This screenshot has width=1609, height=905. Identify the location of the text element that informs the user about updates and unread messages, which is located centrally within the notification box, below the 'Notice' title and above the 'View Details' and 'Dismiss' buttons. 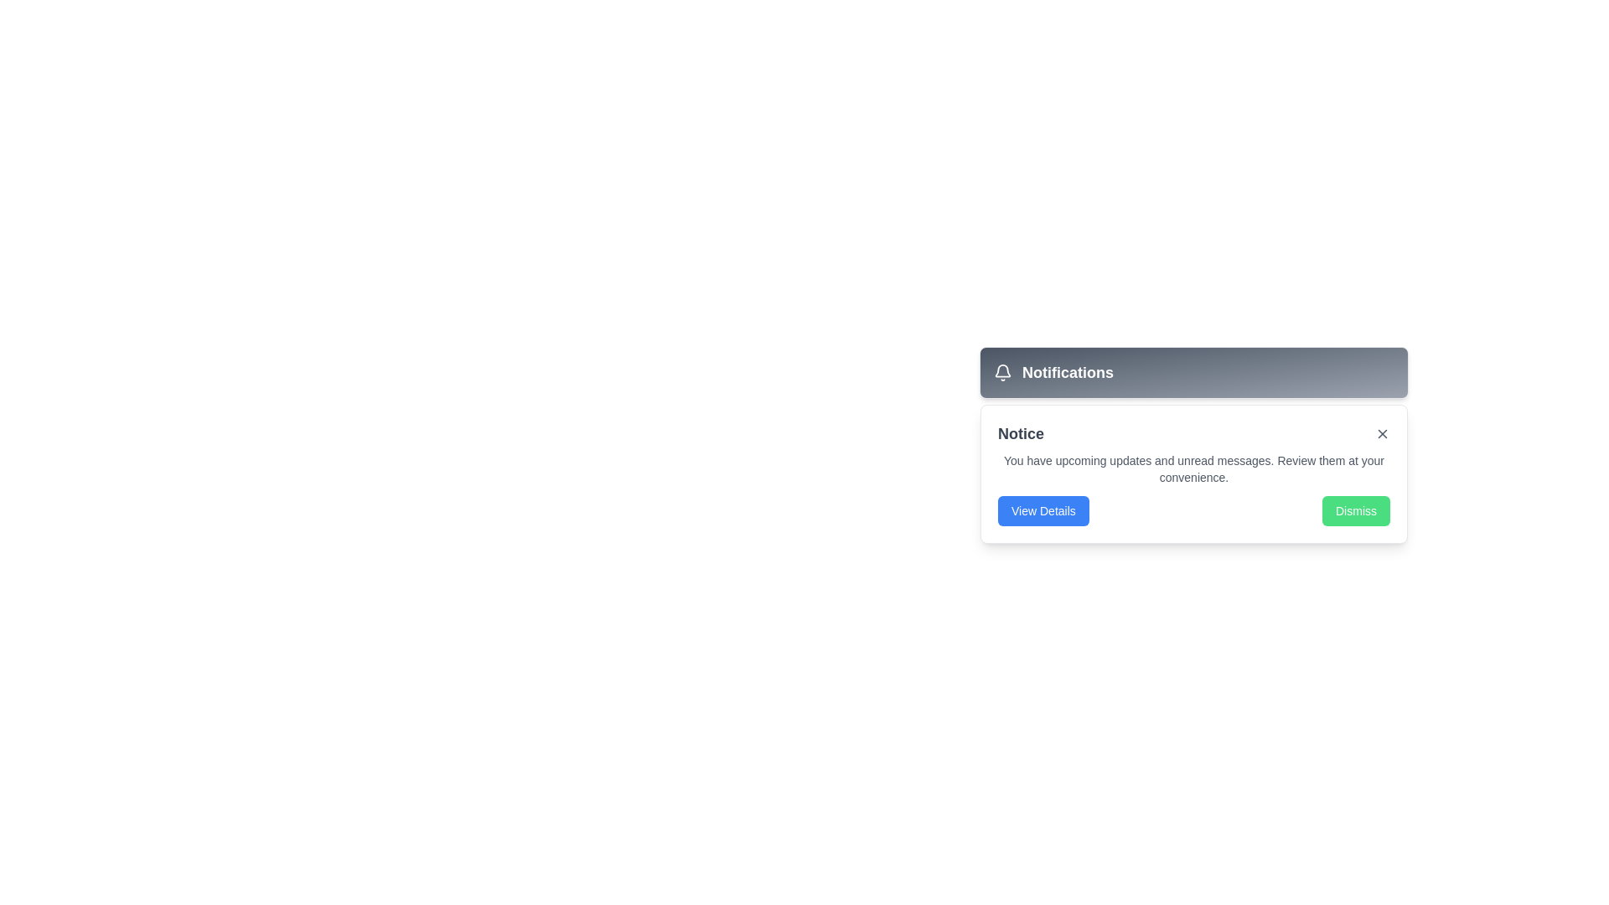
(1193, 468).